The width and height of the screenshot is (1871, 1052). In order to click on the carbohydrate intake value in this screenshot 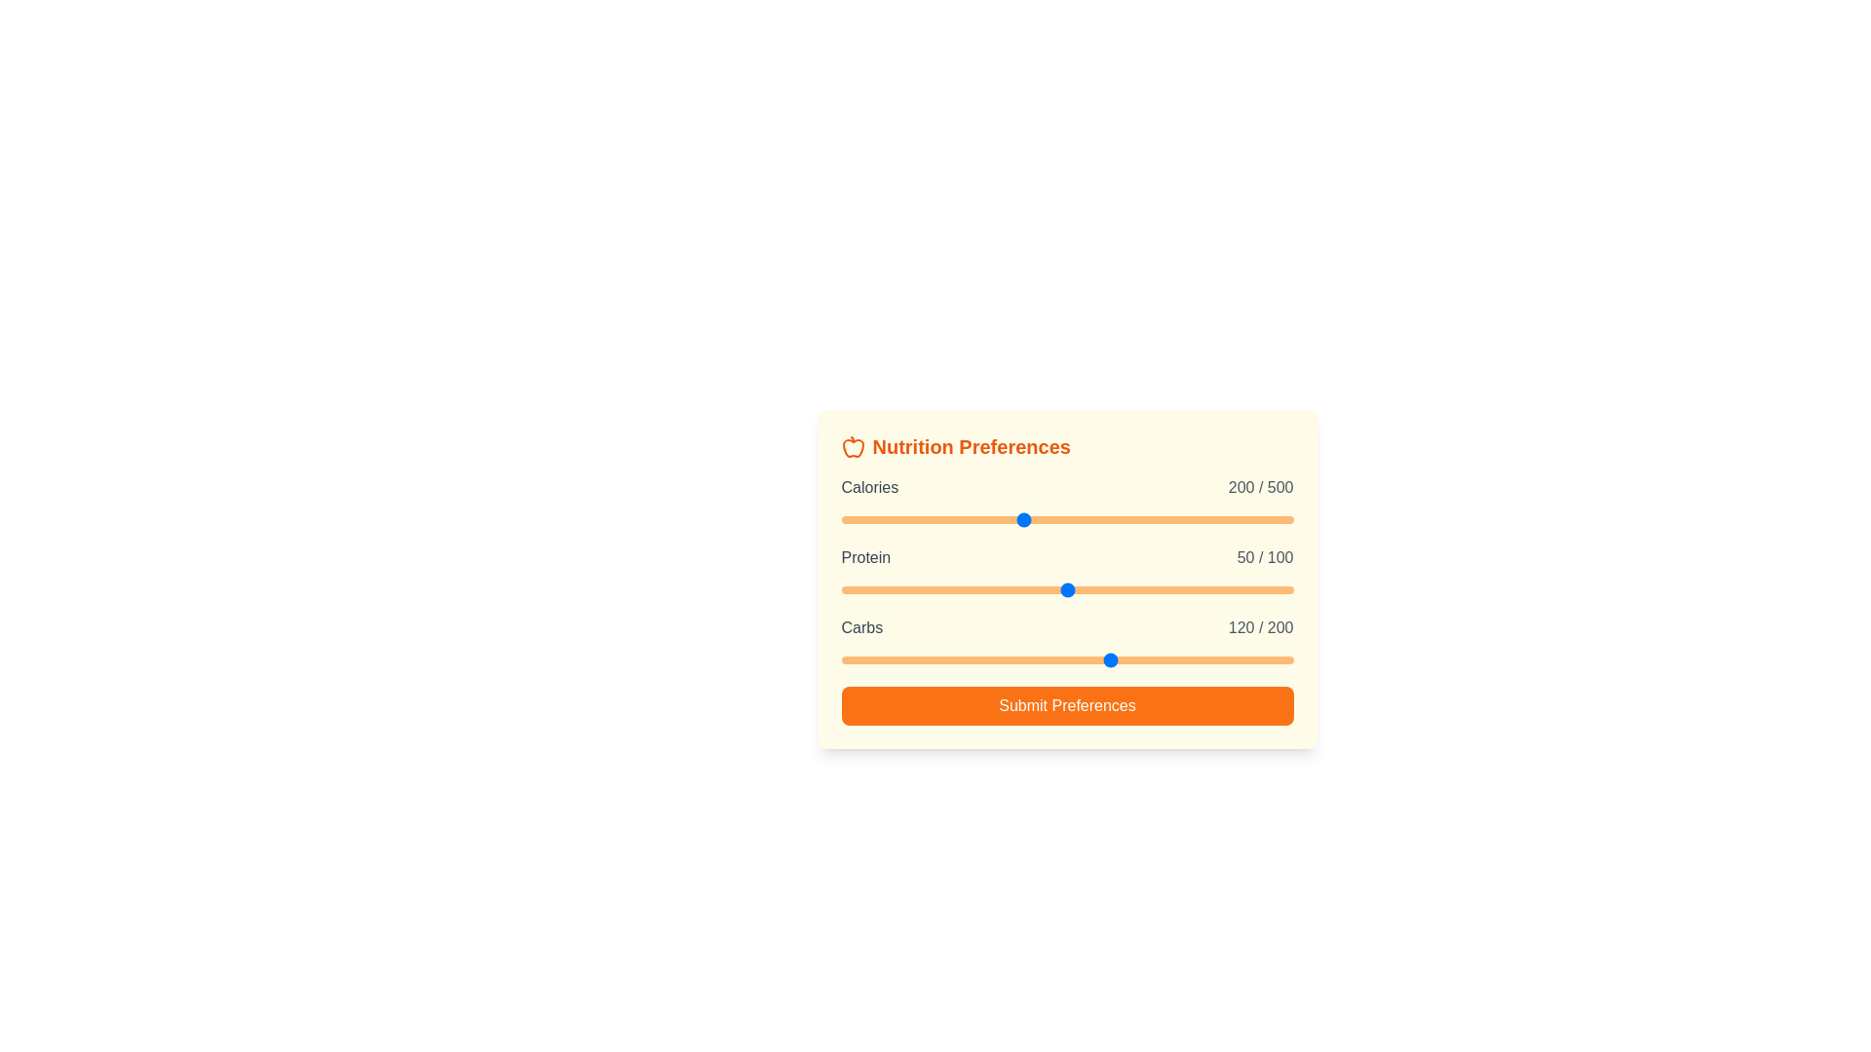, I will do `click(1021, 659)`.